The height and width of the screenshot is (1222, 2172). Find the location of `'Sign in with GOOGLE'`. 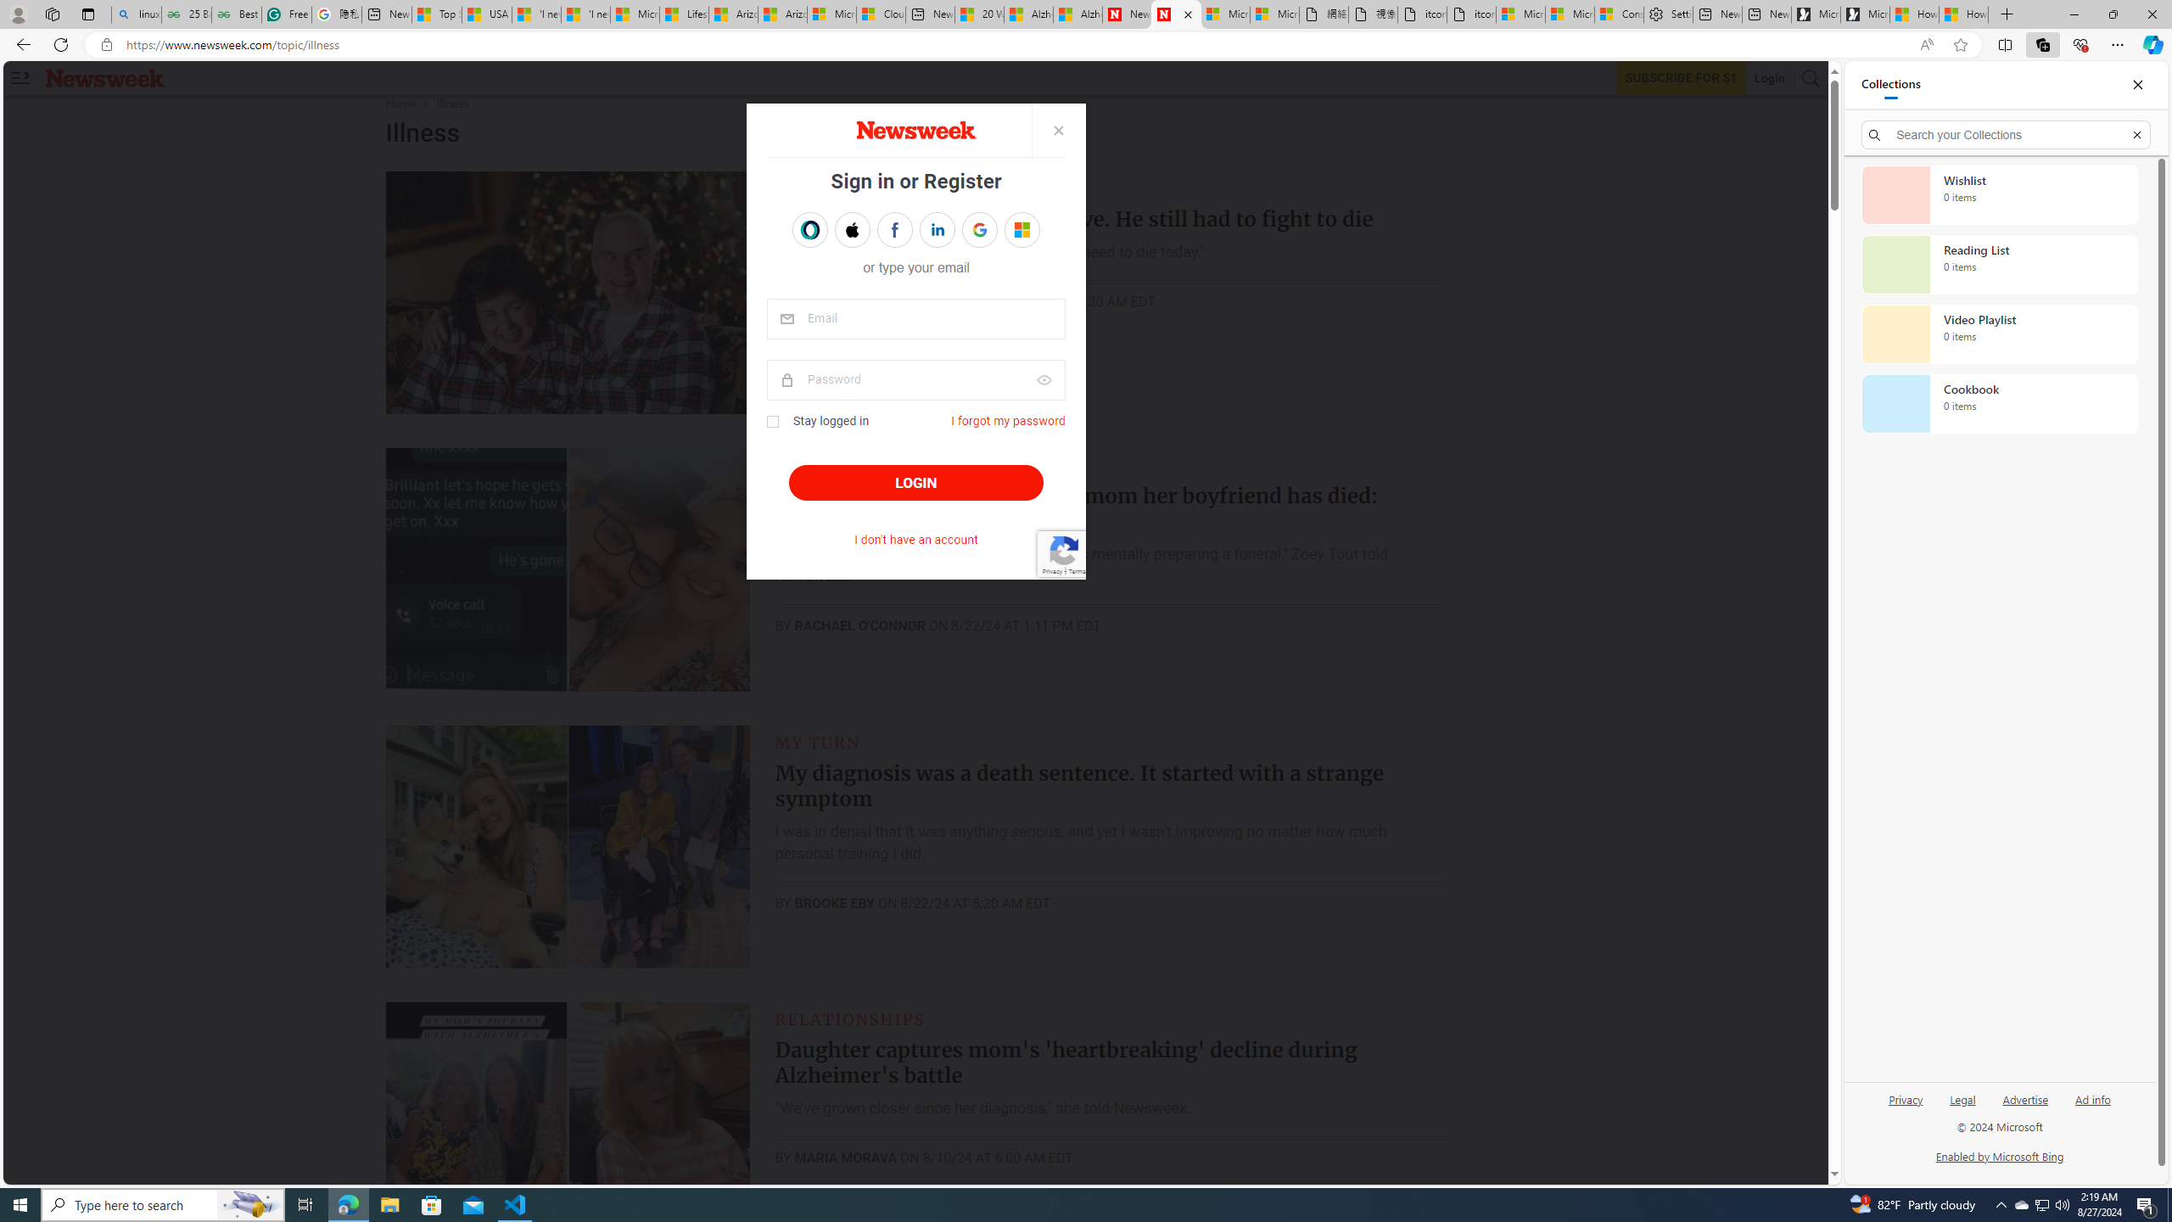

'Sign in with GOOGLE' is located at coordinates (978, 230).